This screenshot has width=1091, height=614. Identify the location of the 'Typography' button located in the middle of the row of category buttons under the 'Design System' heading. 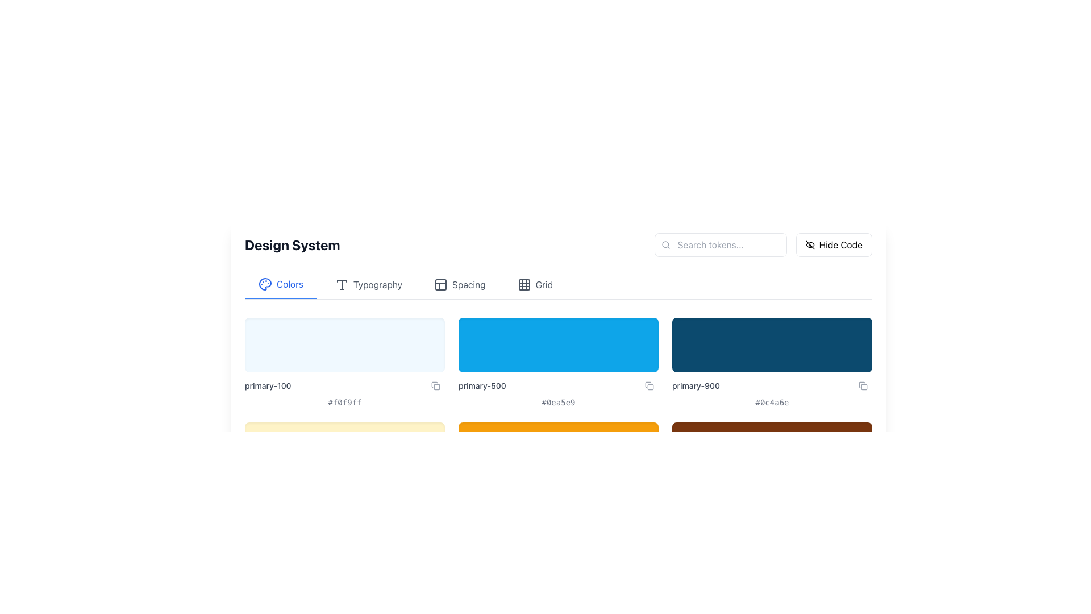
(368, 284).